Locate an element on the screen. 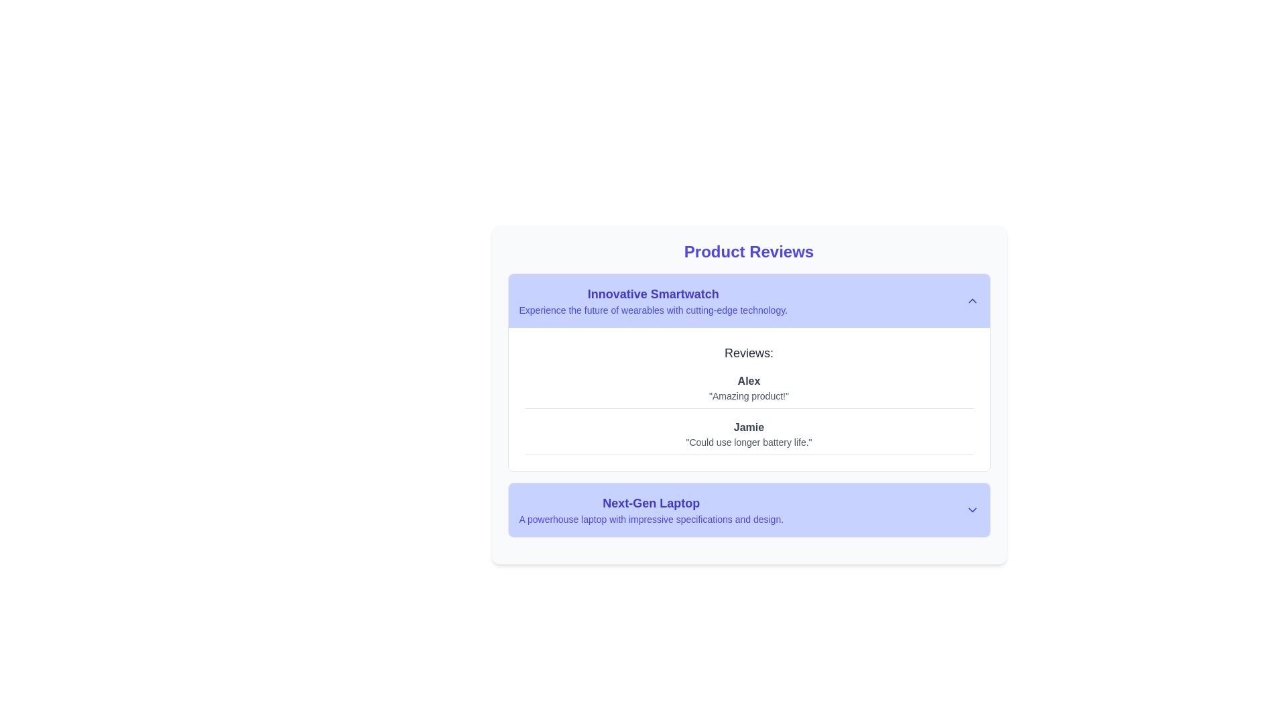  the header text 'Reviews:' which is styled in a large dark gray font, positioned at the top of the review section is located at coordinates (748, 353).